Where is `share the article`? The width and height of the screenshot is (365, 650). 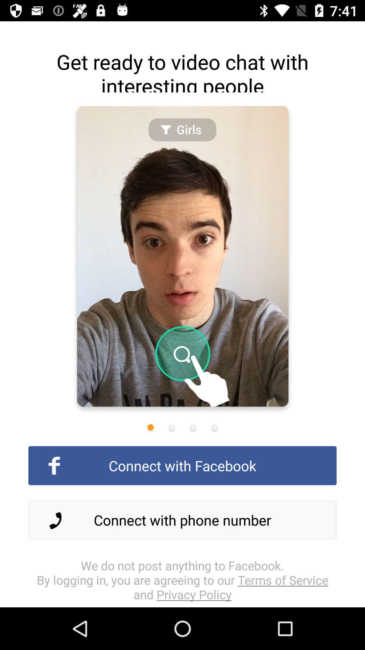
share the article is located at coordinates (150, 427).